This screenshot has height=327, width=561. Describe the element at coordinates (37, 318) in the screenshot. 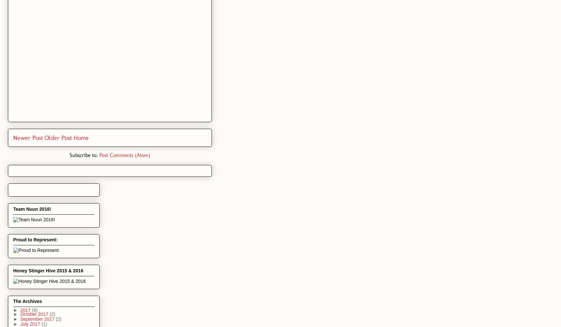

I see `'September 2017'` at that location.